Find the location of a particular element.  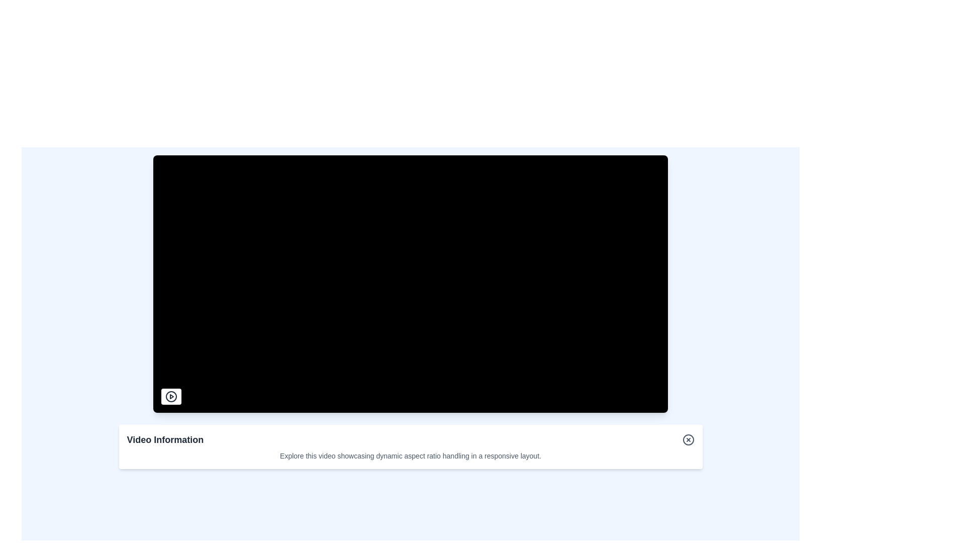

text content of the bold, large-sized text label displaying 'Video Information' located on the left side of the header section is located at coordinates (165, 439).